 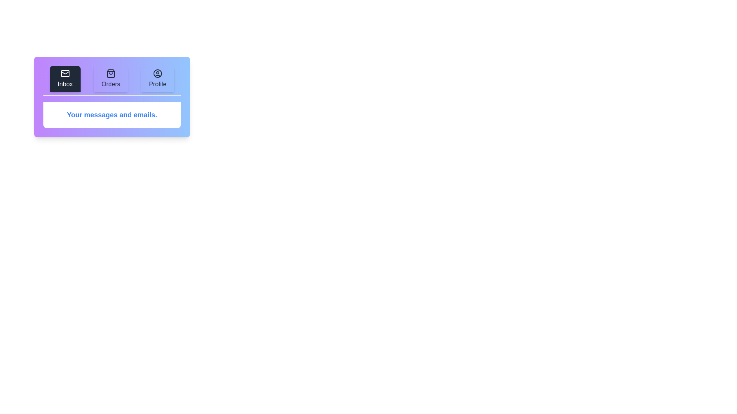 What do you see at coordinates (65, 79) in the screenshot?
I see `the tab labeled Inbox to observe its hover effect` at bounding box center [65, 79].